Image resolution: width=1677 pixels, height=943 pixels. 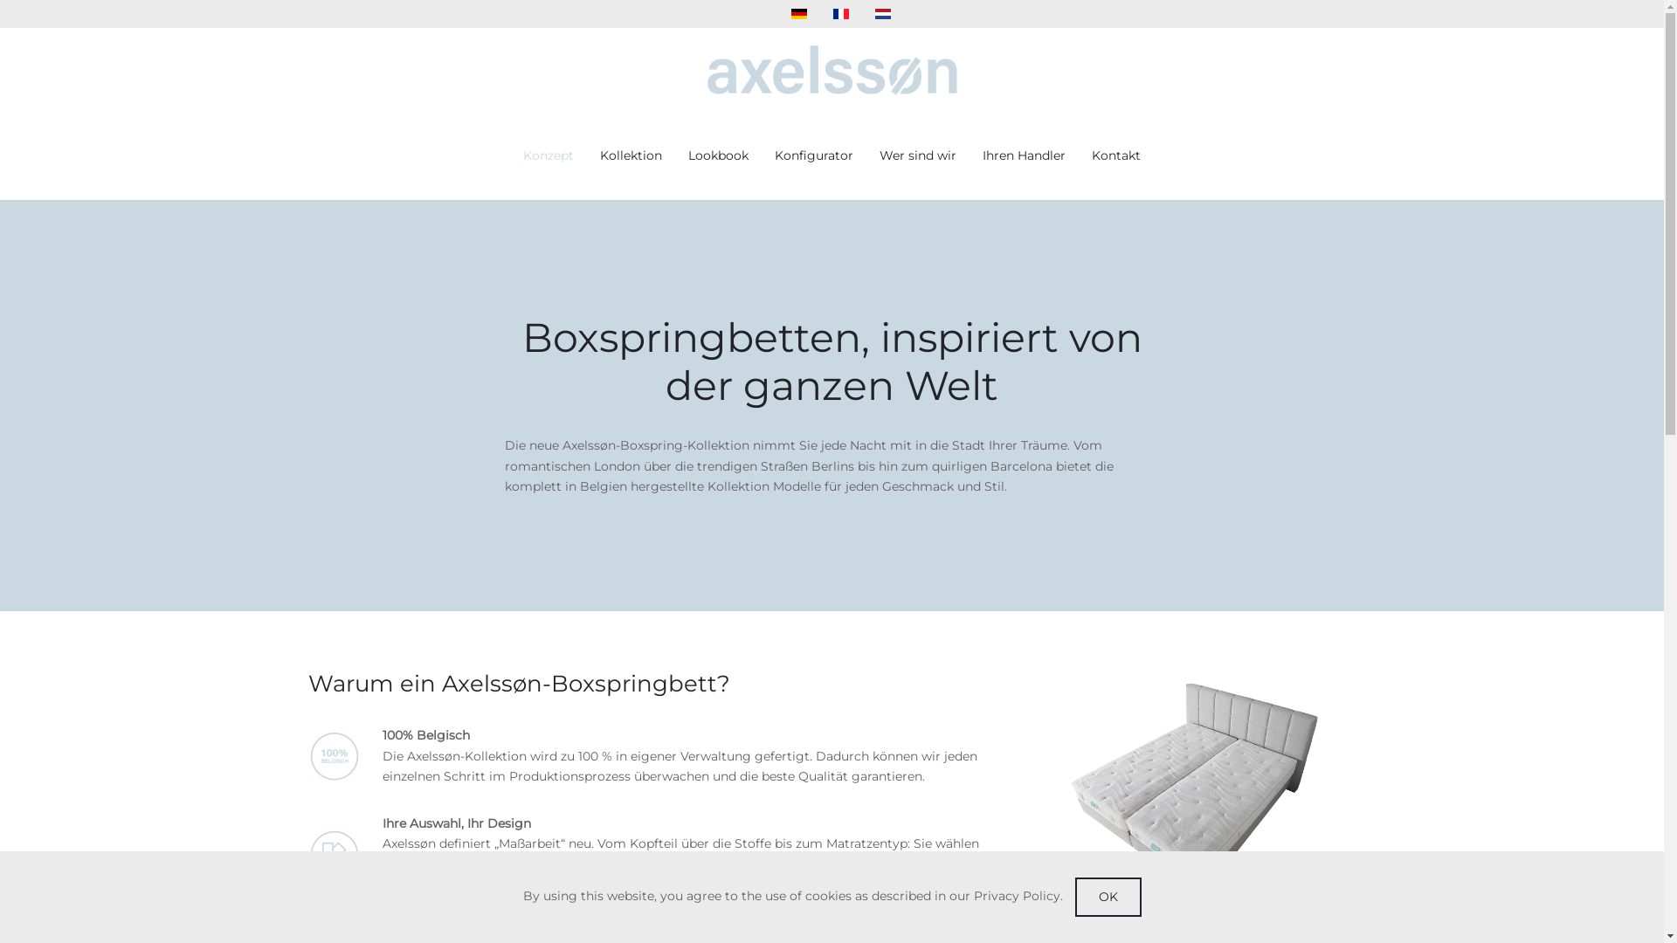 What do you see at coordinates (880, 155) in the screenshot?
I see `'Wer sind wir'` at bounding box center [880, 155].